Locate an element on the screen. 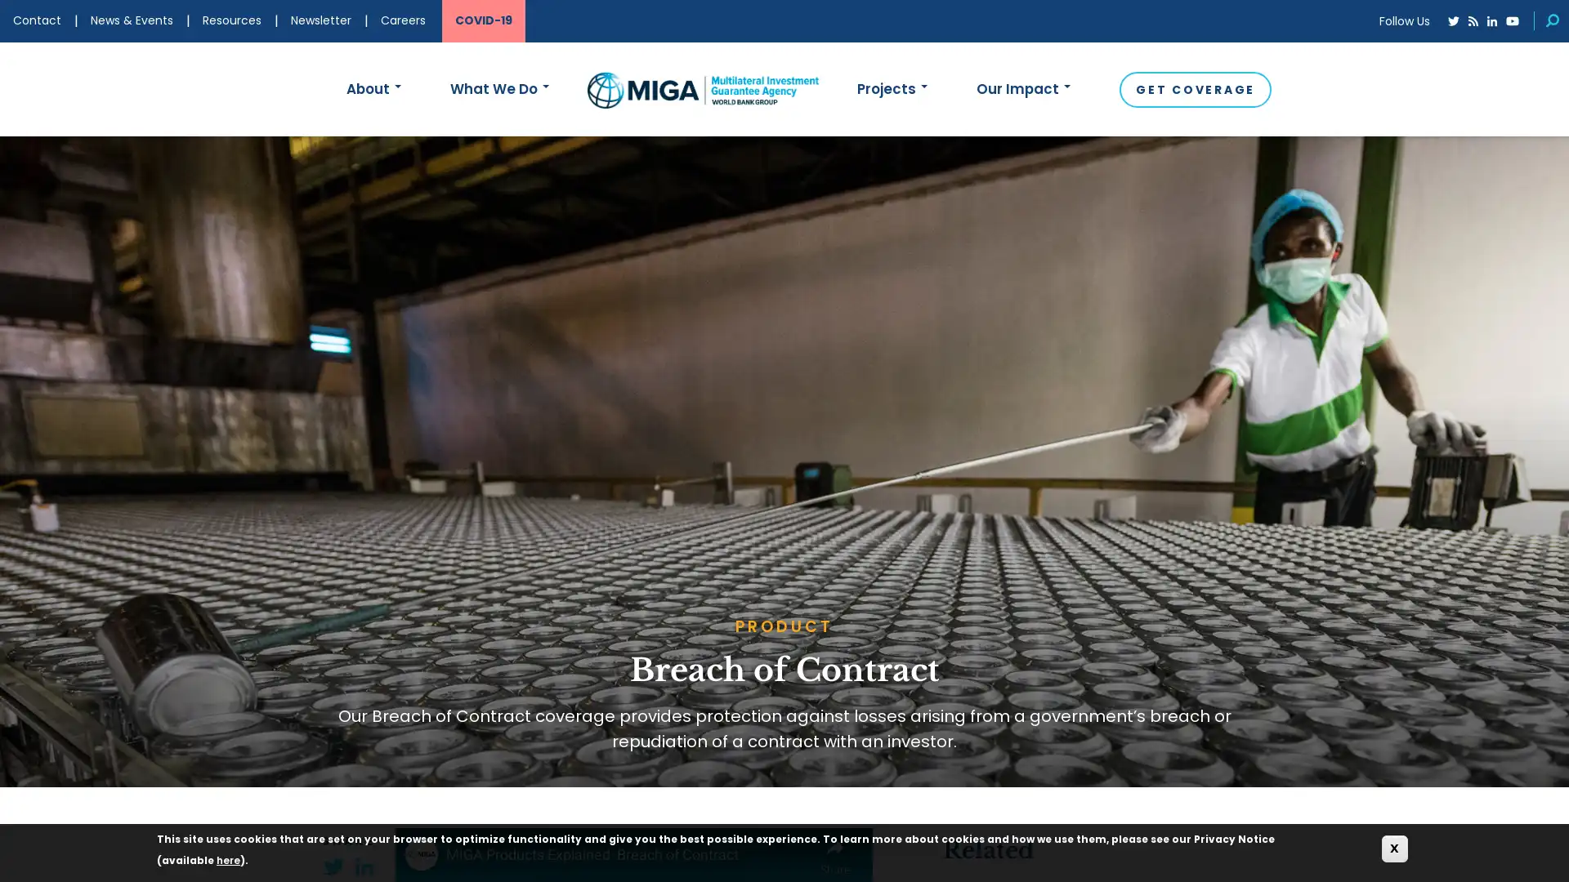 Image resolution: width=1569 pixels, height=882 pixels. X is located at coordinates (1394, 848).